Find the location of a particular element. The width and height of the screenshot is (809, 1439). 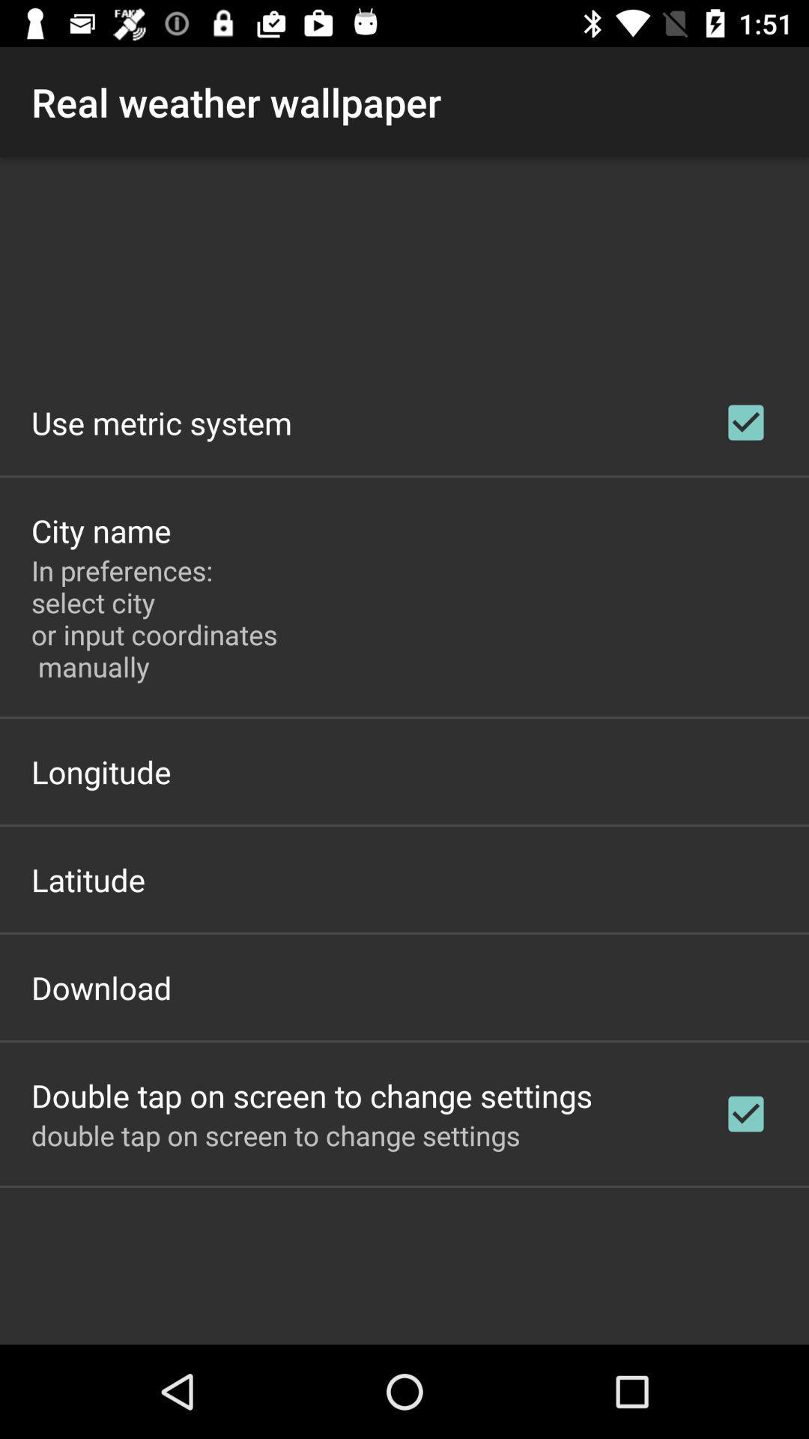

the app above the double tap on item is located at coordinates (101, 987).